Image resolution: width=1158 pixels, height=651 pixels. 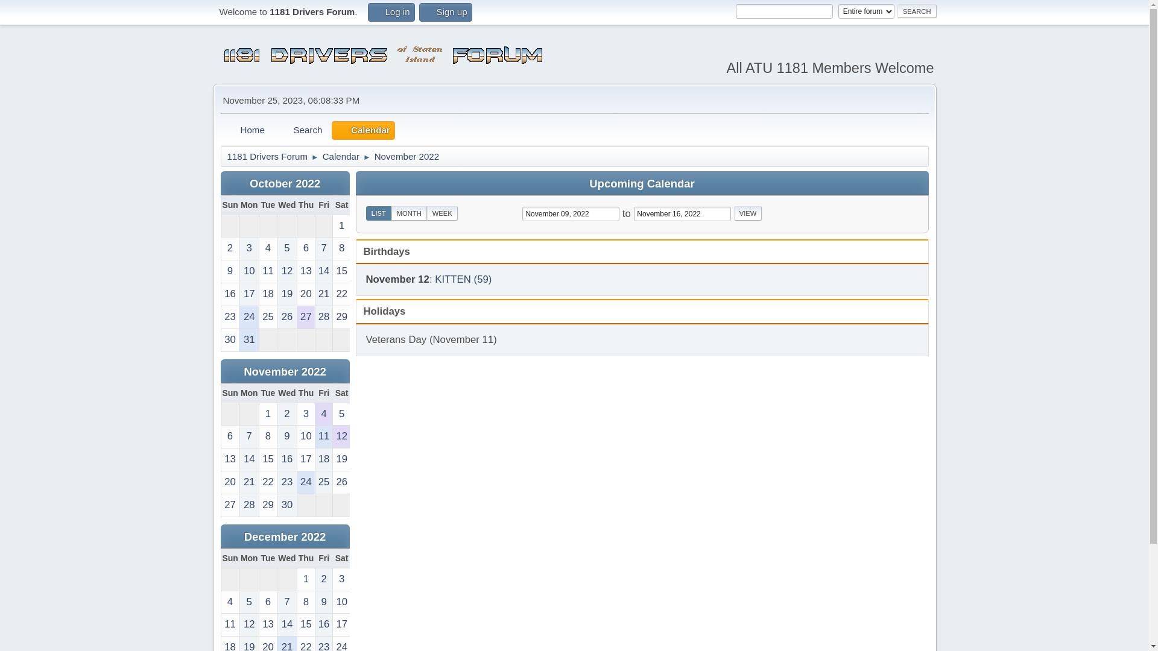 I want to click on '22', so click(x=267, y=482).